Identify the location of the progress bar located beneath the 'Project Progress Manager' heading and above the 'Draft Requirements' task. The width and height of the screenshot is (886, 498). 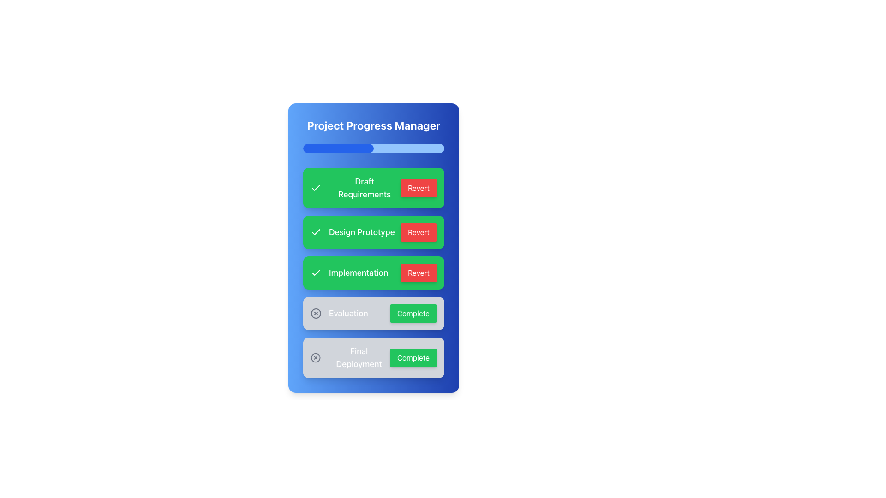
(374, 148).